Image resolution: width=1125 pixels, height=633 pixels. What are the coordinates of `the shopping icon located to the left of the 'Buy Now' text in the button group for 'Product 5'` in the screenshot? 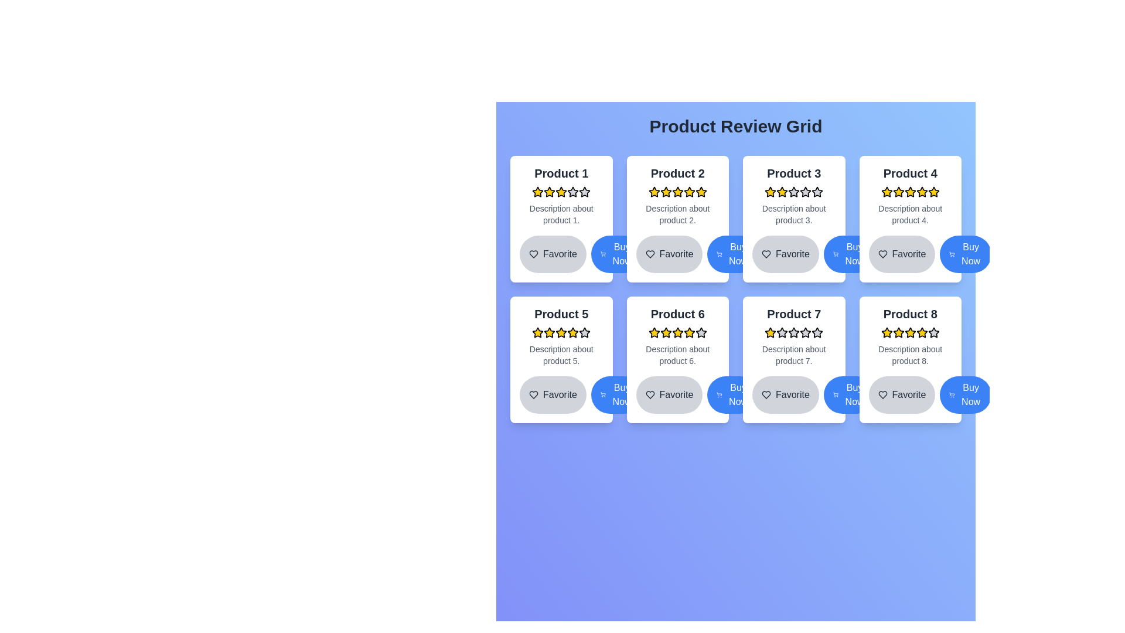 It's located at (603, 395).